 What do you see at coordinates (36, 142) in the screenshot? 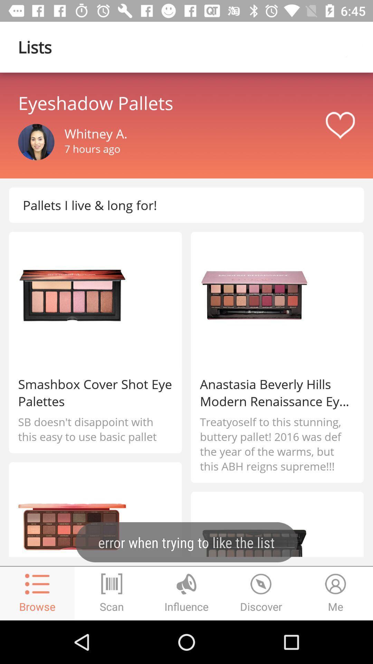
I see `the avatar icon` at bounding box center [36, 142].